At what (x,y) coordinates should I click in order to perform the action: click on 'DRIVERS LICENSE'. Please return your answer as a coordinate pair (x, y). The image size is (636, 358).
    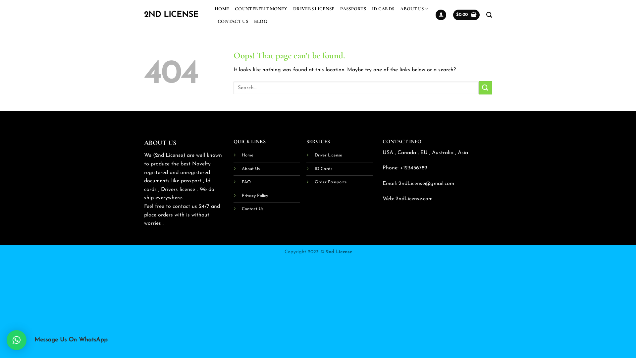
    Looking at the image, I should click on (313, 9).